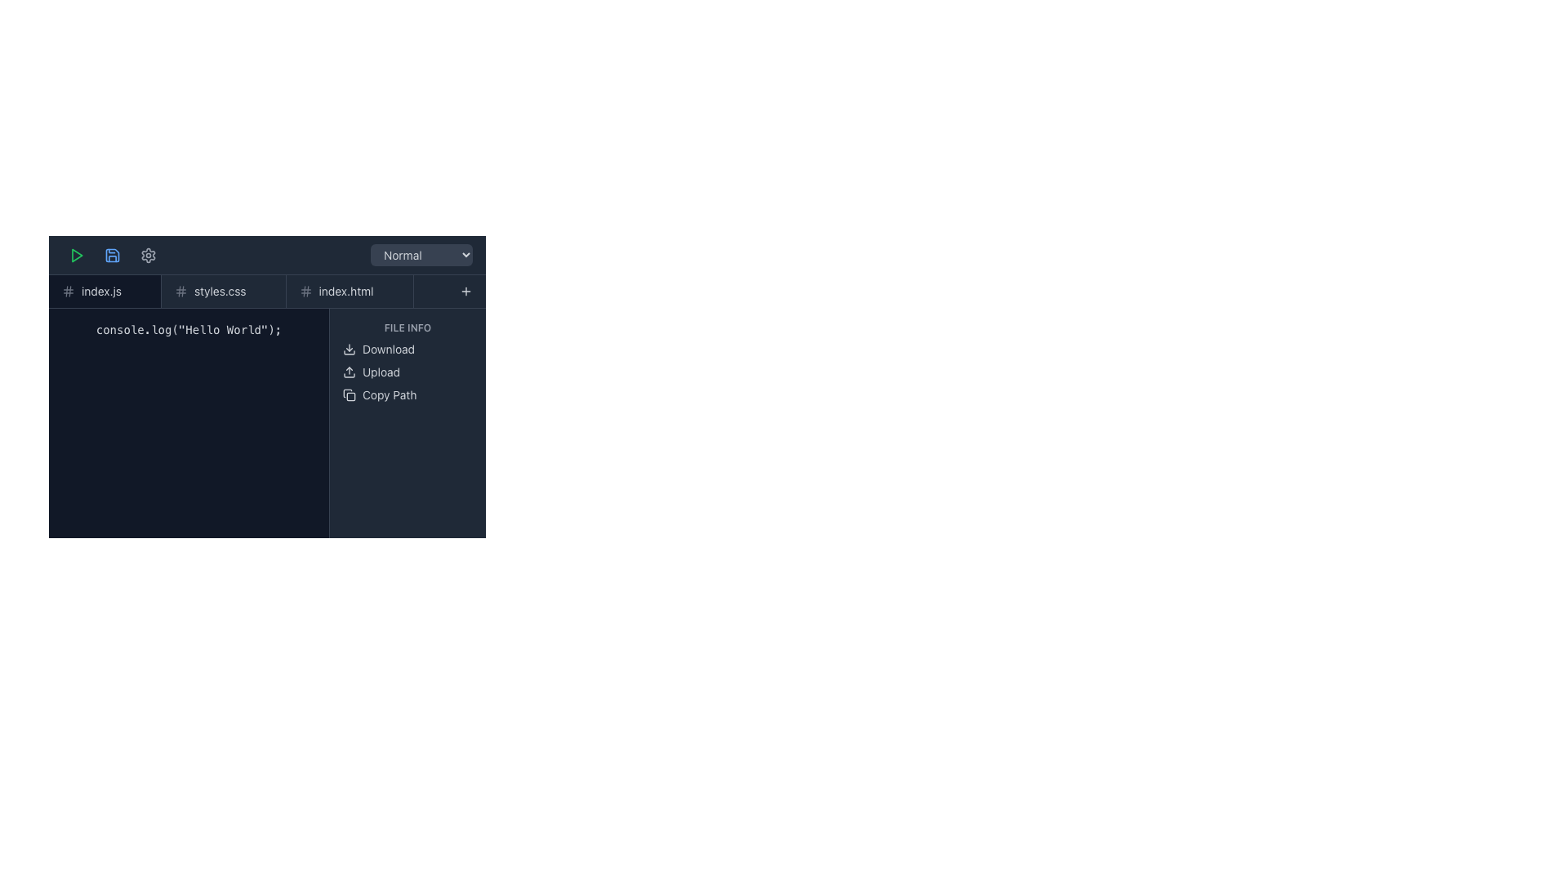 The height and width of the screenshot is (882, 1568). I want to click on the settings icon button, which is a gear-shaped outline, so click(149, 255).